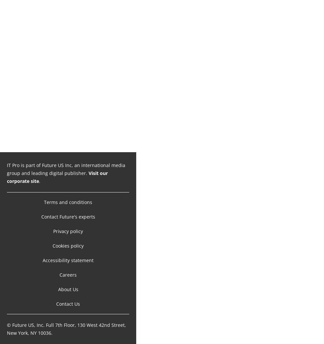 This screenshot has height=344, width=324. What do you see at coordinates (57, 177) in the screenshot?
I see `'Visit our corporate site'` at bounding box center [57, 177].